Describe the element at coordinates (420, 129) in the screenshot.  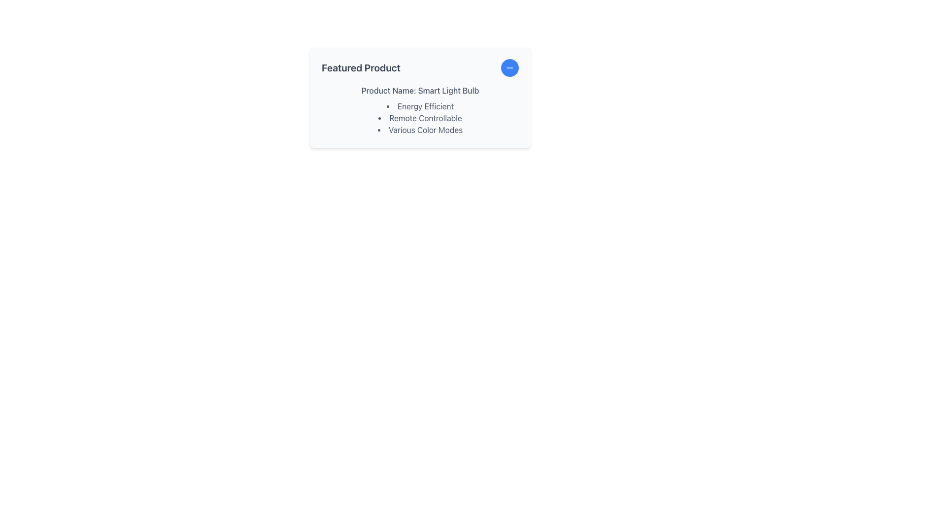
I see `the third text label in the list of features within the card interface` at that location.